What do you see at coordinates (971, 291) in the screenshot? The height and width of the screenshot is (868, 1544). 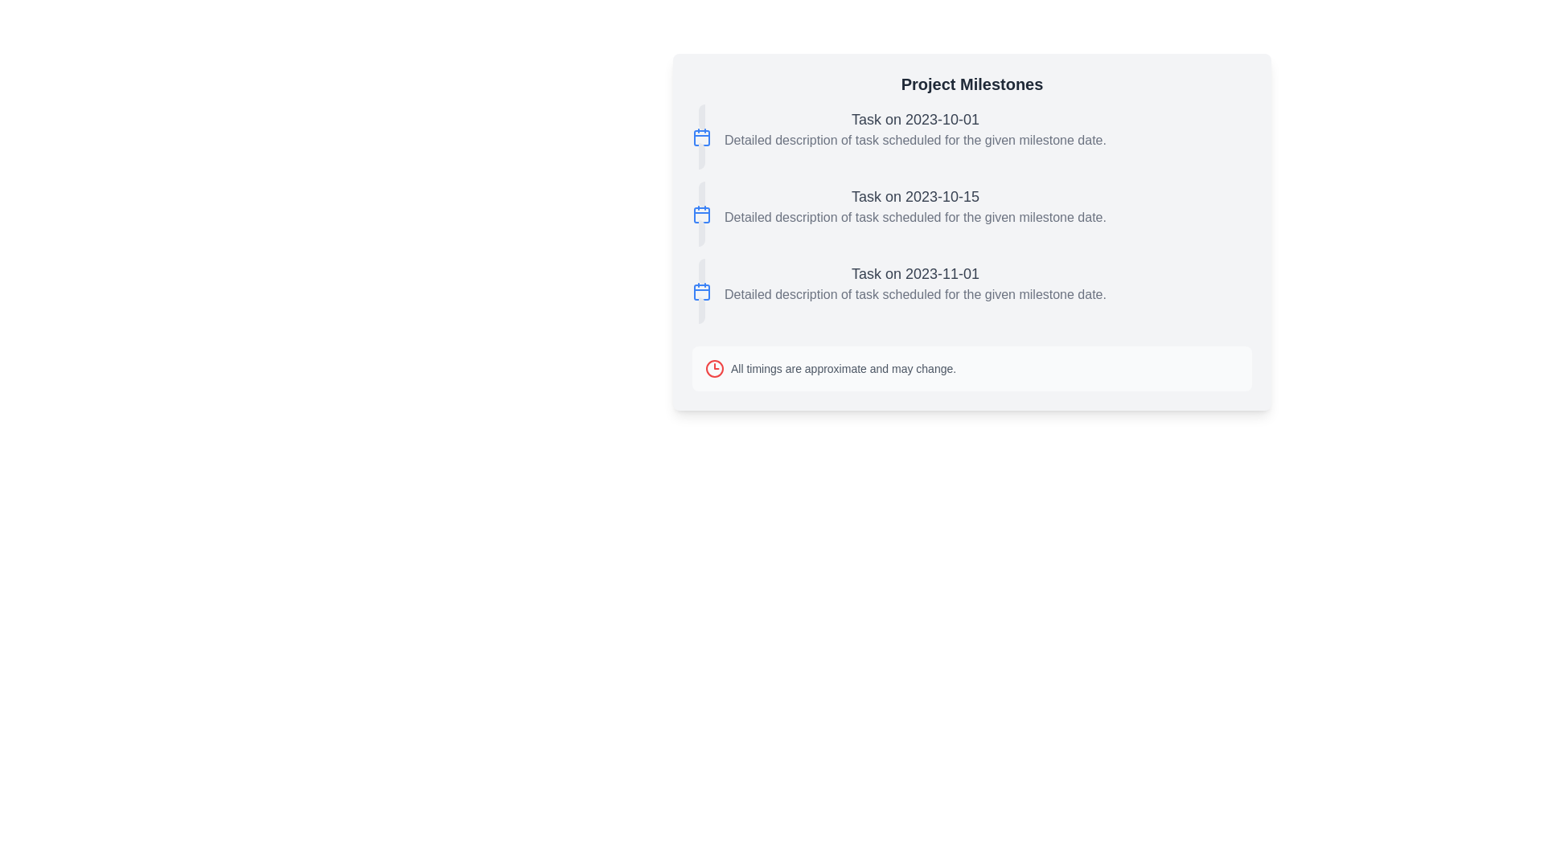 I see `the third milestone list item which displays its date, title, and description for potential additional details` at bounding box center [971, 291].